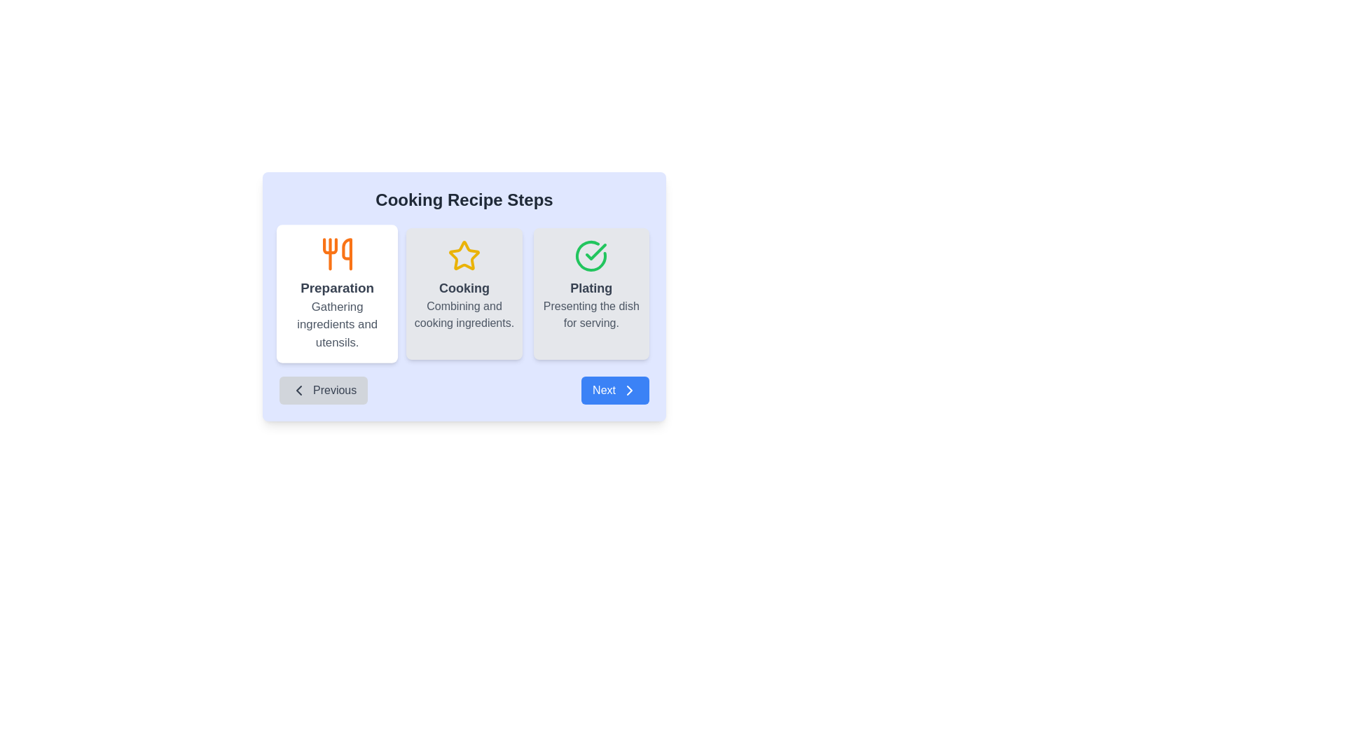 Image resolution: width=1345 pixels, height=756 pixels. I want to click on the informational card section titled 'Cooking' with the subtitle 'Combining and cooking ingredients.' that is located in the middle of a three-column grid under the header 'Cooking Recipe Steps', so click(464, 293).